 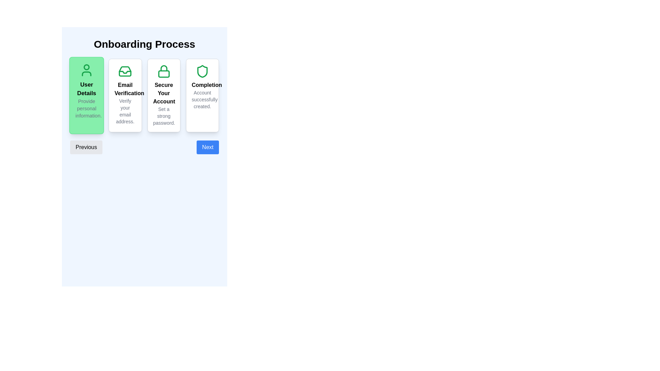 What do you see at coordinates (86, 74) in the screenshot?
I see `the rectangular graphical component within the user icon located in the green-highlighted 'User Details' navigation card, which is the leftmost card in the onboarding sequence` at bounding box center [86, 74].